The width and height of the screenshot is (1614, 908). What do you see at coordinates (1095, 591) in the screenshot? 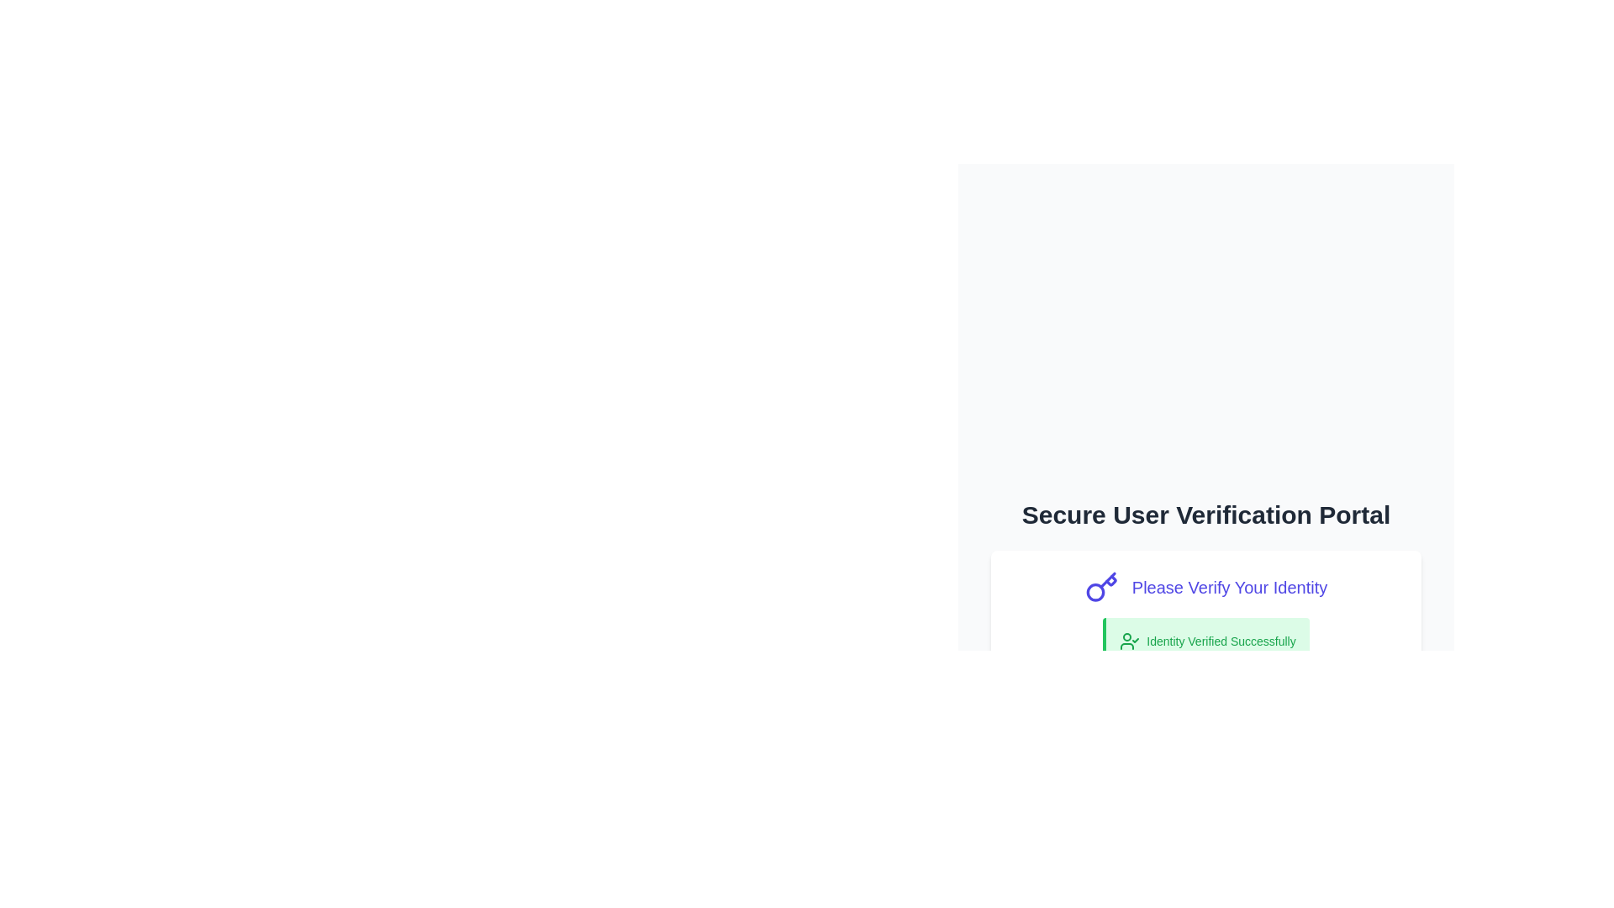
I see `the small circular graphic located within the key icon, which is positioned near the bottom of the key icon, situated towards the left of the text 'Please Verify Your Identity'` at bounding box center [1095, 591].